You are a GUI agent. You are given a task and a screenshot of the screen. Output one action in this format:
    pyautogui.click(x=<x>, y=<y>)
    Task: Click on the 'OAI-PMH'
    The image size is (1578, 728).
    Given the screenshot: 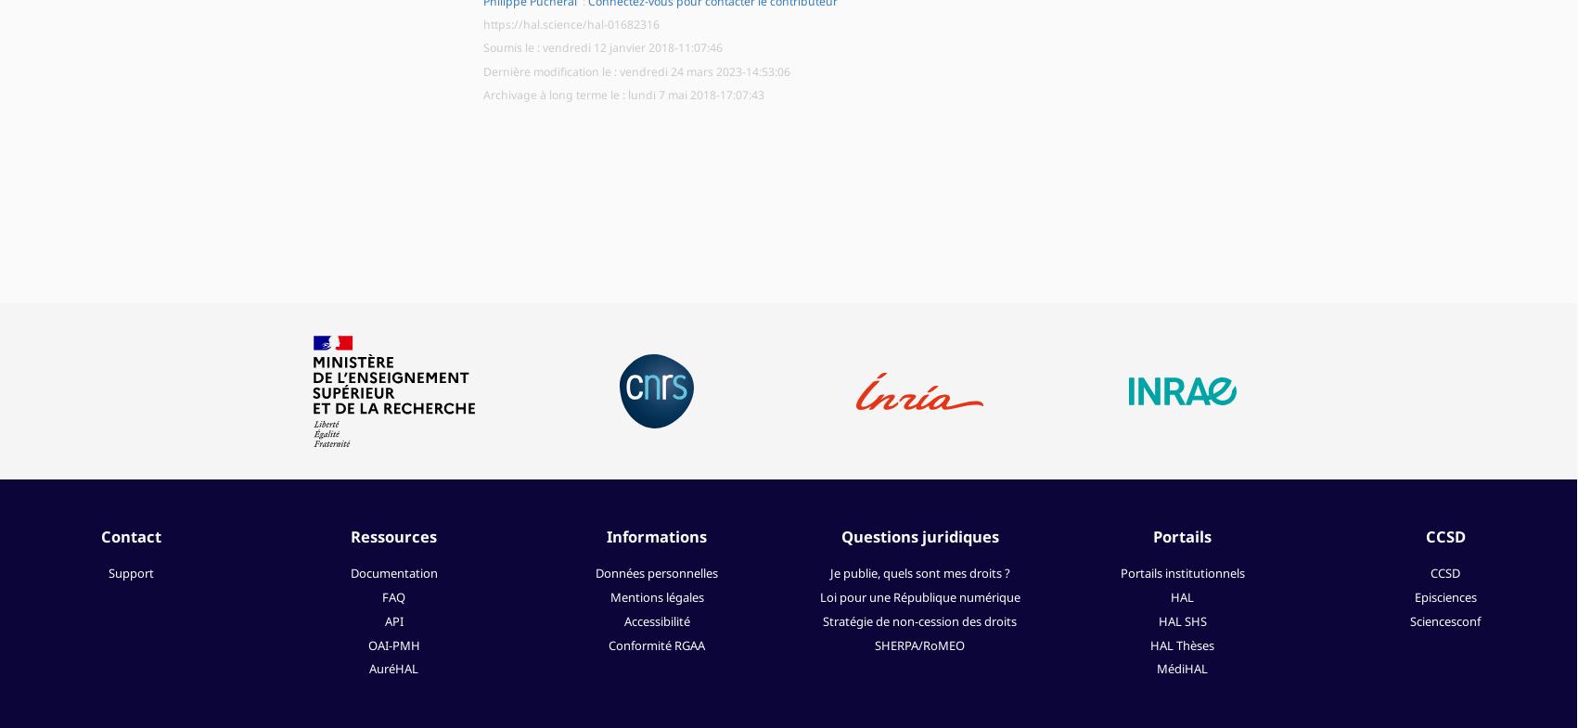 What is the action you would take?
    pyautogui.click(x=392, y=645)
    